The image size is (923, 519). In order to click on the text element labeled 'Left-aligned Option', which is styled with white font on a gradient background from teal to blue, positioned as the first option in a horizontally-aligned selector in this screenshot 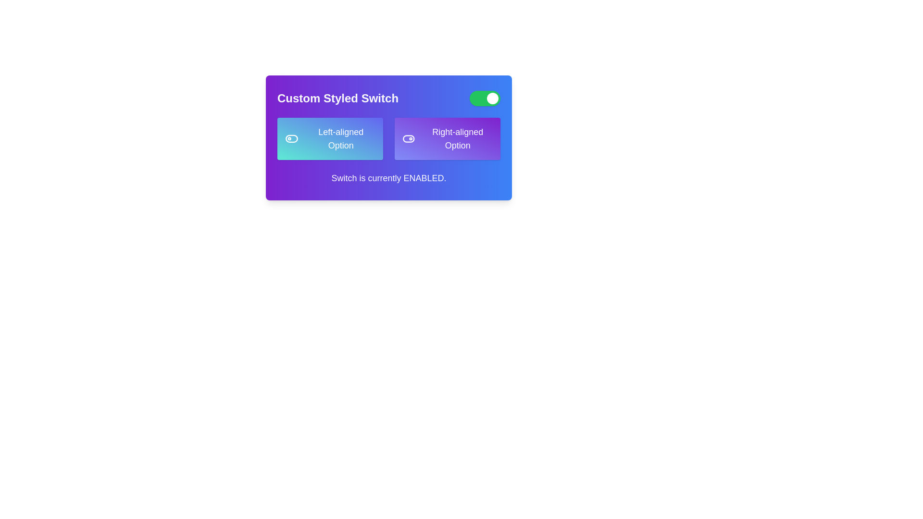, I will do `click(341, 139)`.